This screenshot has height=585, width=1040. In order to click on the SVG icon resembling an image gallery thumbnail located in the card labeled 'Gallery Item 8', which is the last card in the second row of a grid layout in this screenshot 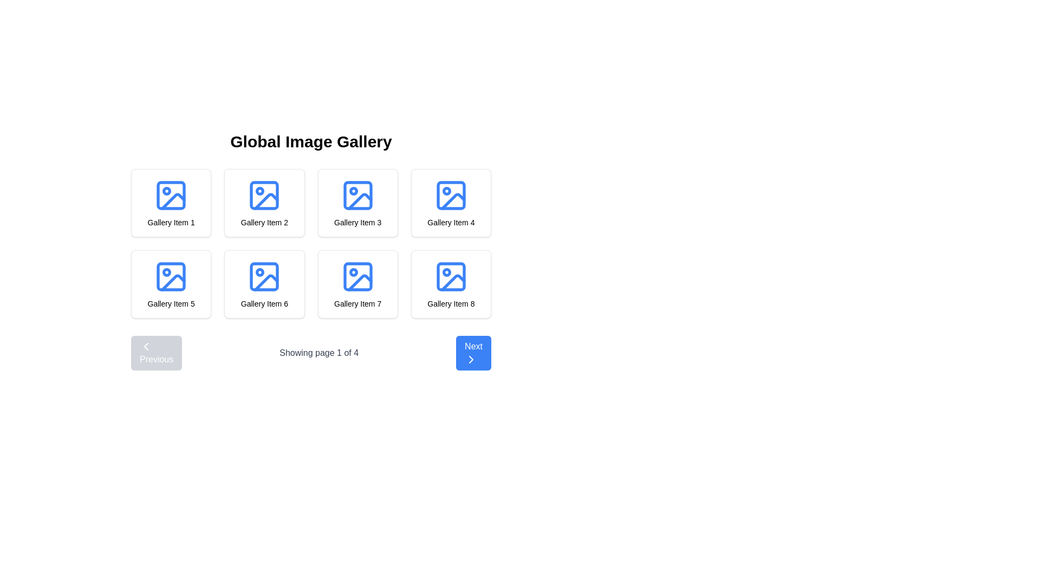, I will do `click(451, 276)`.